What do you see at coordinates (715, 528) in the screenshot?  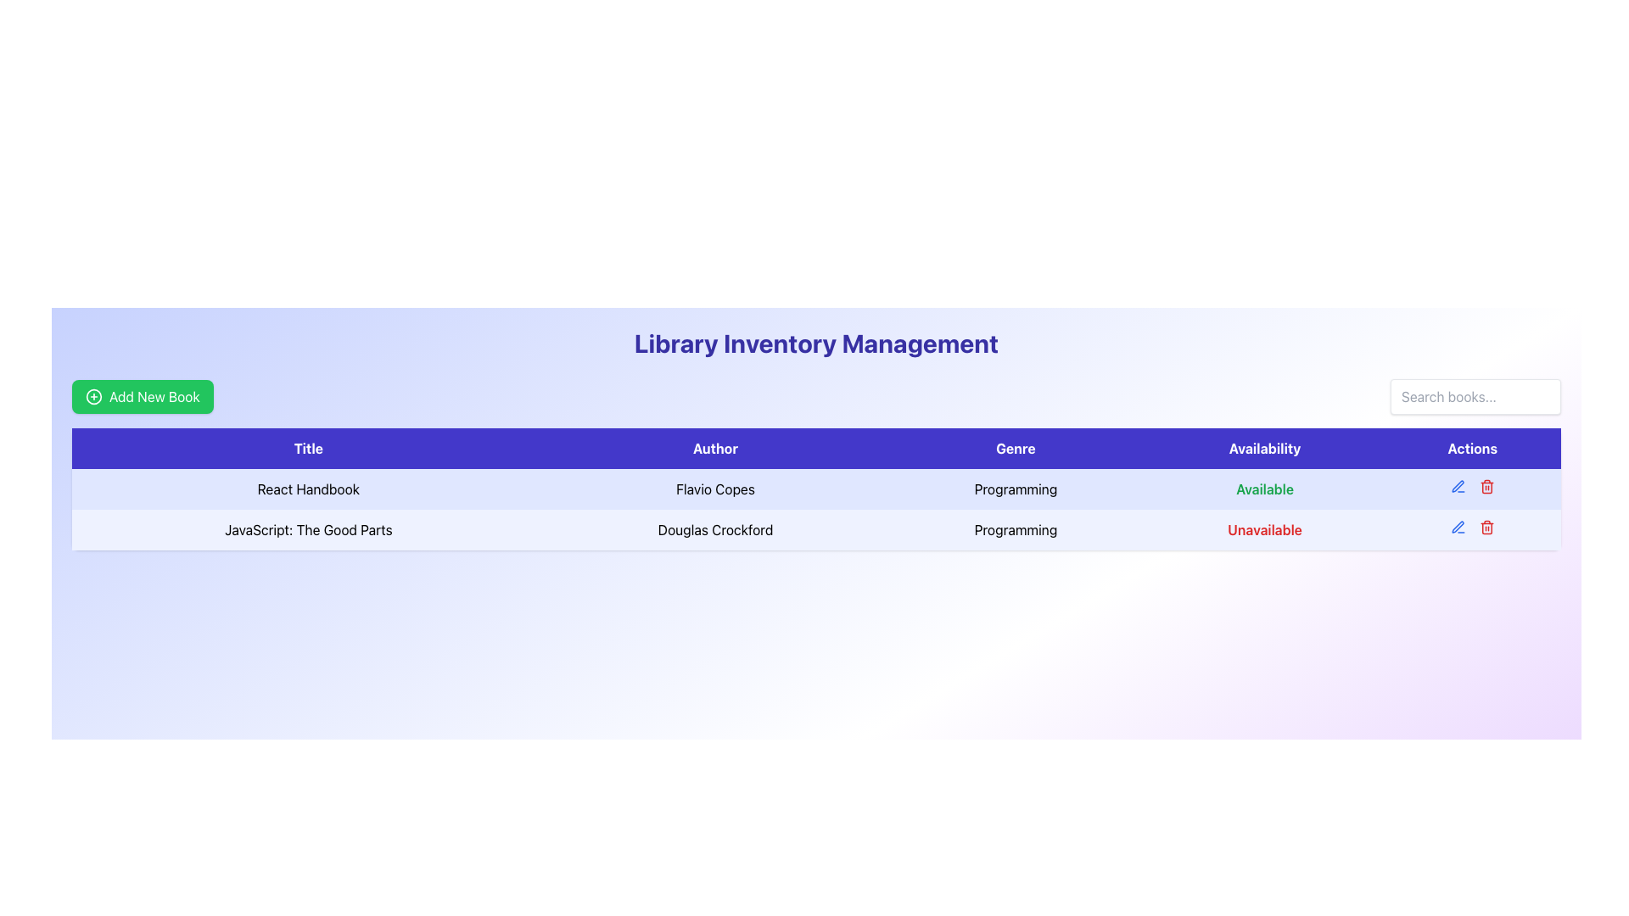 I see `text content displayed in the text field showing 'Douglas Crockford' in a black font against a light blue background, located in the second row of the table under the 'Author' column` at bounding box center [715, 528].